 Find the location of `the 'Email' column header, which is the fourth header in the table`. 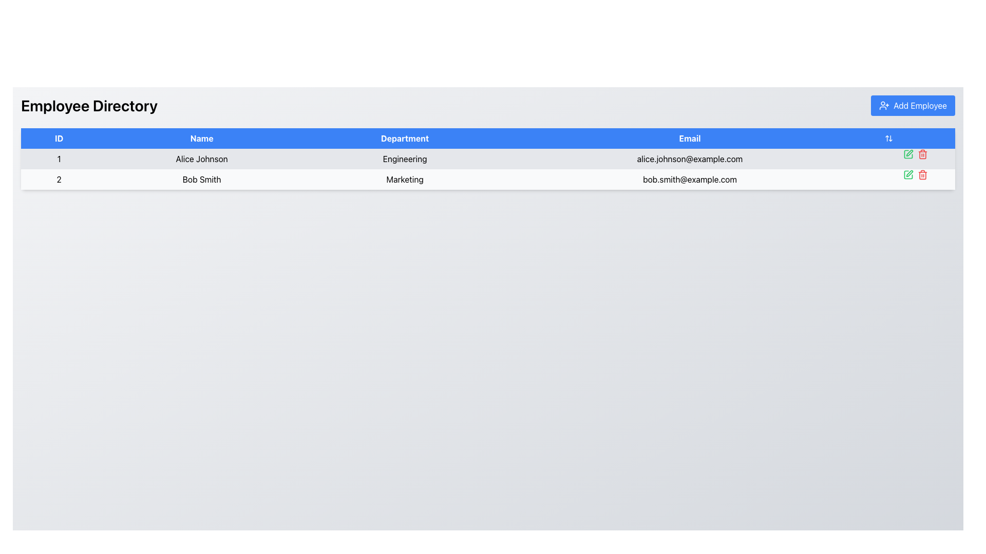

the 'Email' column header, which is the fourth header in the table is located at coordinates (690, 138).